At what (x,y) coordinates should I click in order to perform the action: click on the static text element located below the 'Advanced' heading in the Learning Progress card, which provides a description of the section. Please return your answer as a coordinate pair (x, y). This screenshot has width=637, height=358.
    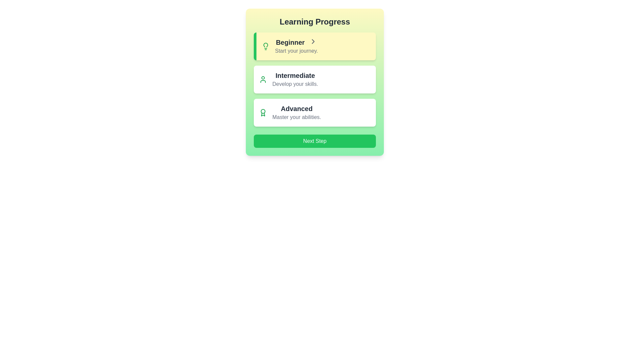
    Looking at the image, I should click on (296, 117).